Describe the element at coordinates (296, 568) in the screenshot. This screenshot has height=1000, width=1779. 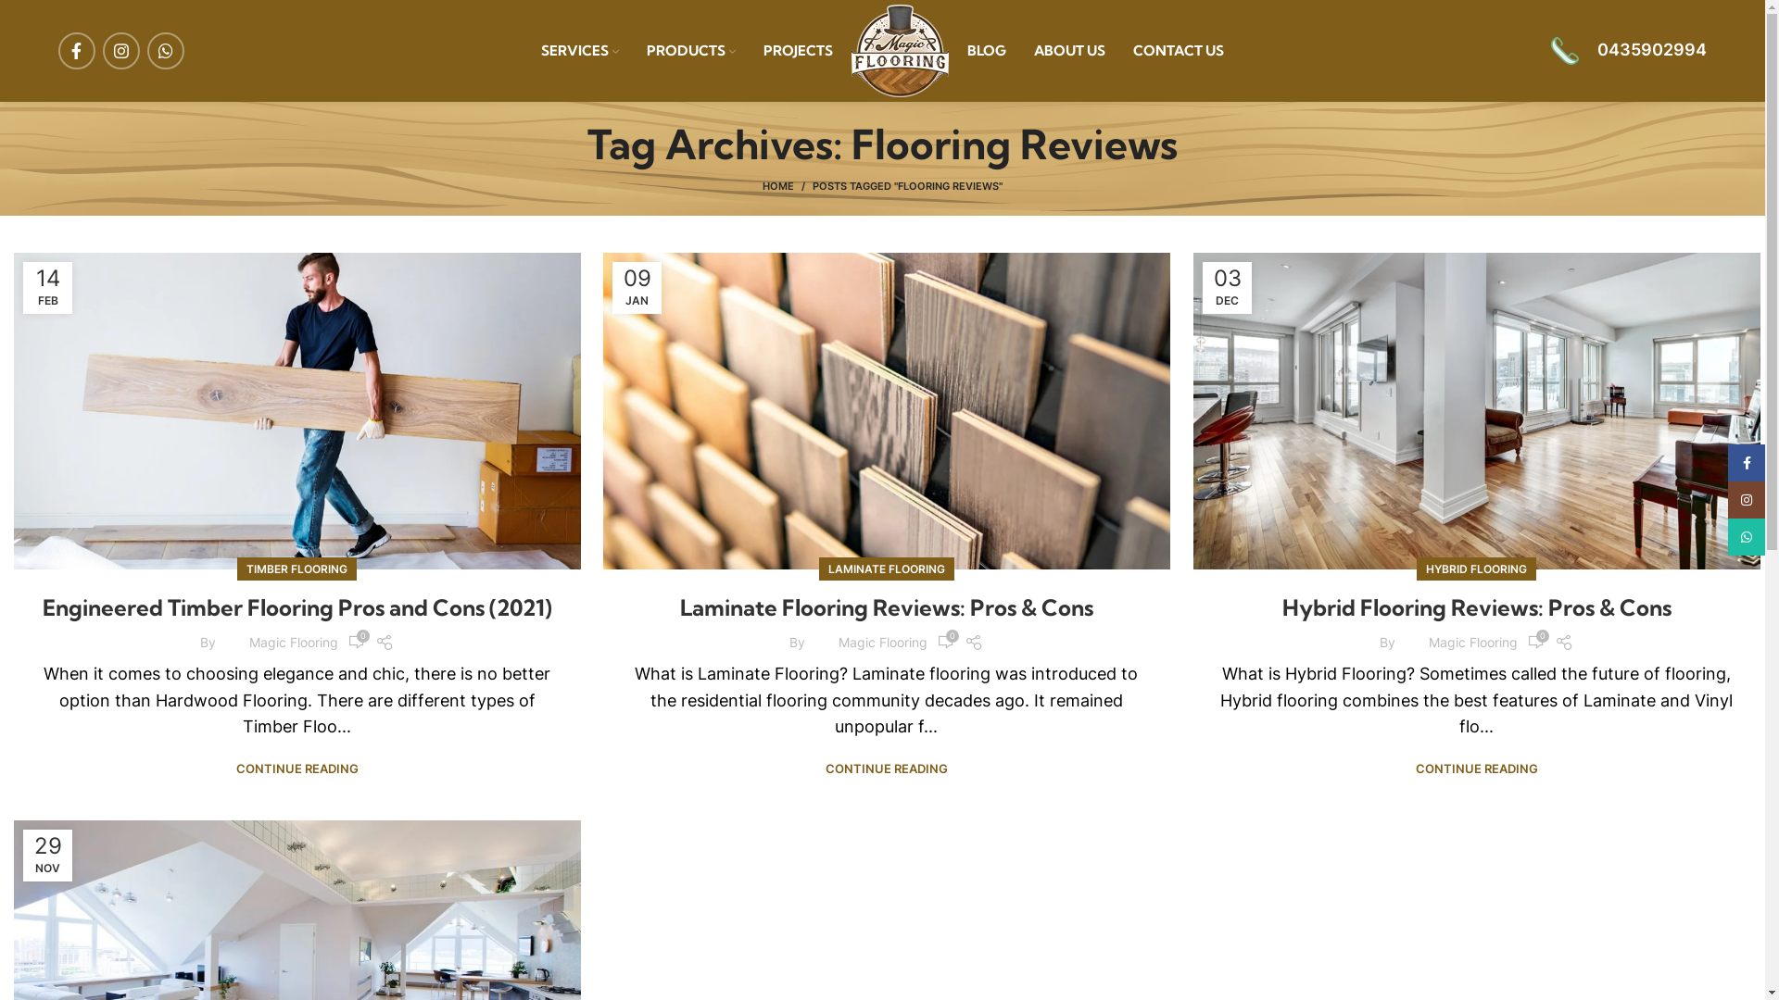
I see `'TIMBER FLOORING'` at that location.